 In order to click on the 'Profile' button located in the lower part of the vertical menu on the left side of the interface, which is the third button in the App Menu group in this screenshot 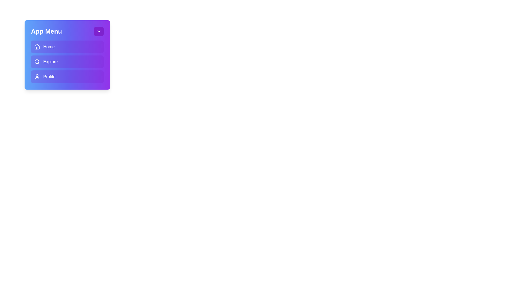, I will do `click(49, 77)`.